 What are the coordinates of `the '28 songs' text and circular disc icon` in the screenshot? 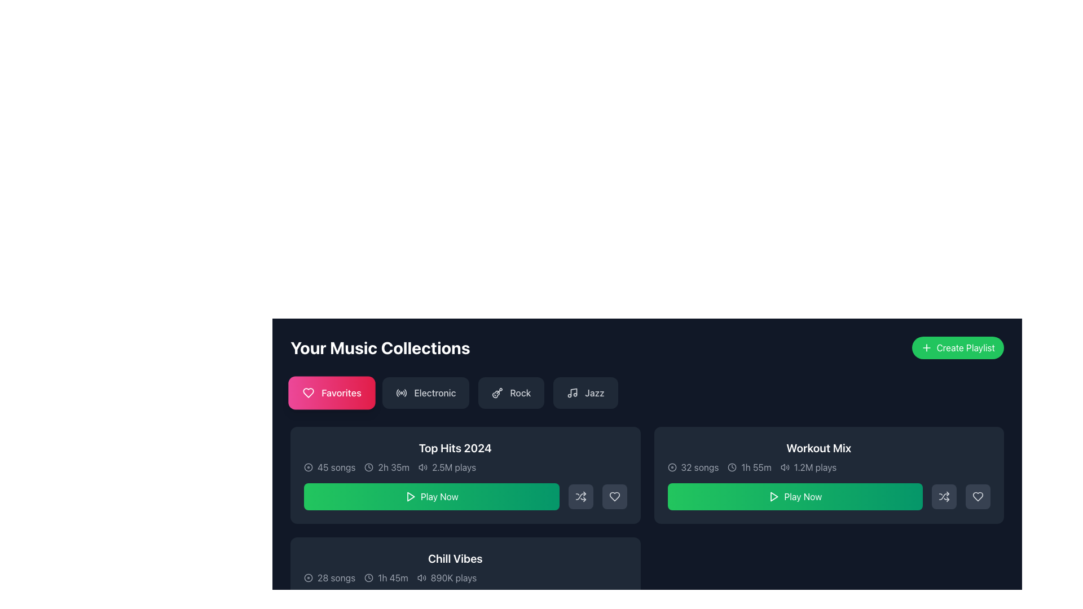 It's located at (329, 578).